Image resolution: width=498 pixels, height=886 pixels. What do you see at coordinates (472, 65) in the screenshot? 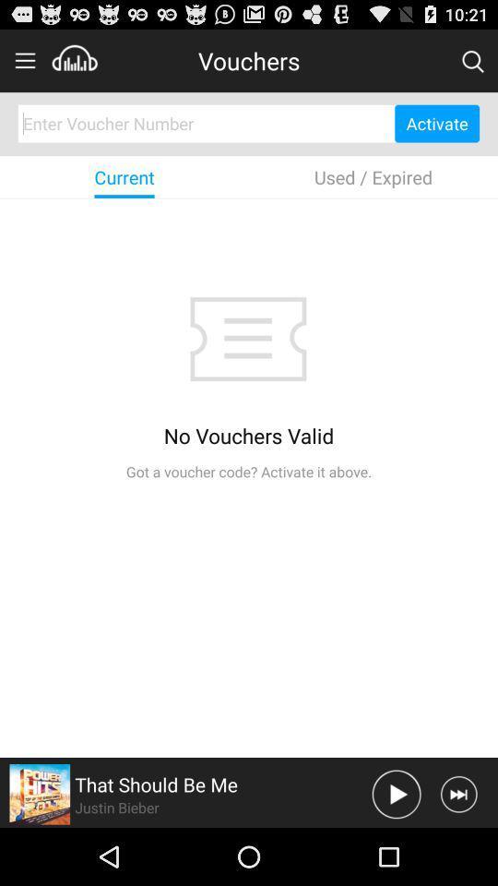
I see `the search icon` at bounding box center [472, 65].